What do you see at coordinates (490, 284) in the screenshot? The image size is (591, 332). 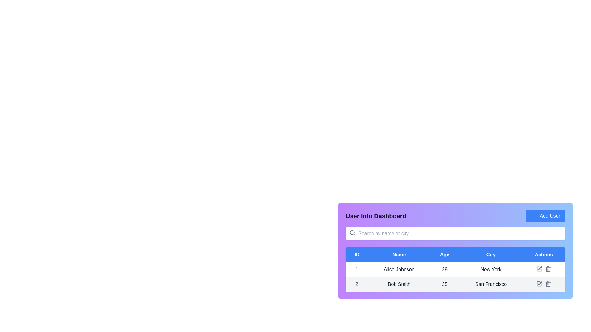 I see `static text label displaying 'San Francisco' in the second row of the table under the 'City' column` at bounding box center [490, 284].